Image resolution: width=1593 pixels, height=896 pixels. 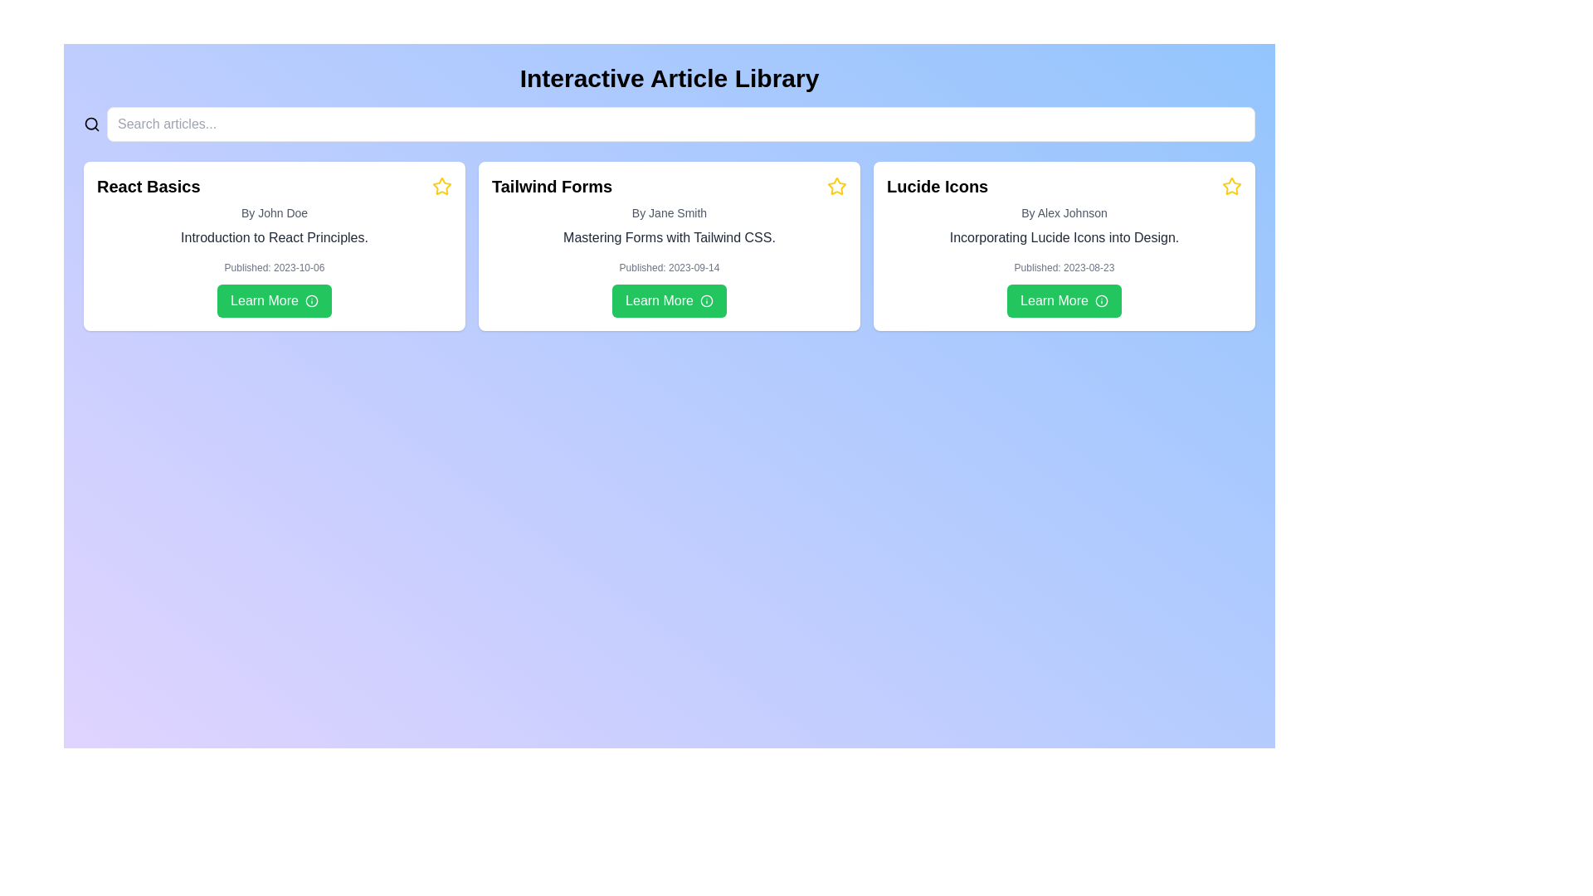 I want to click on the Star Icon located at the upper-right corner of the 'Lucide Icons' card, so click(x=1231, y=186).